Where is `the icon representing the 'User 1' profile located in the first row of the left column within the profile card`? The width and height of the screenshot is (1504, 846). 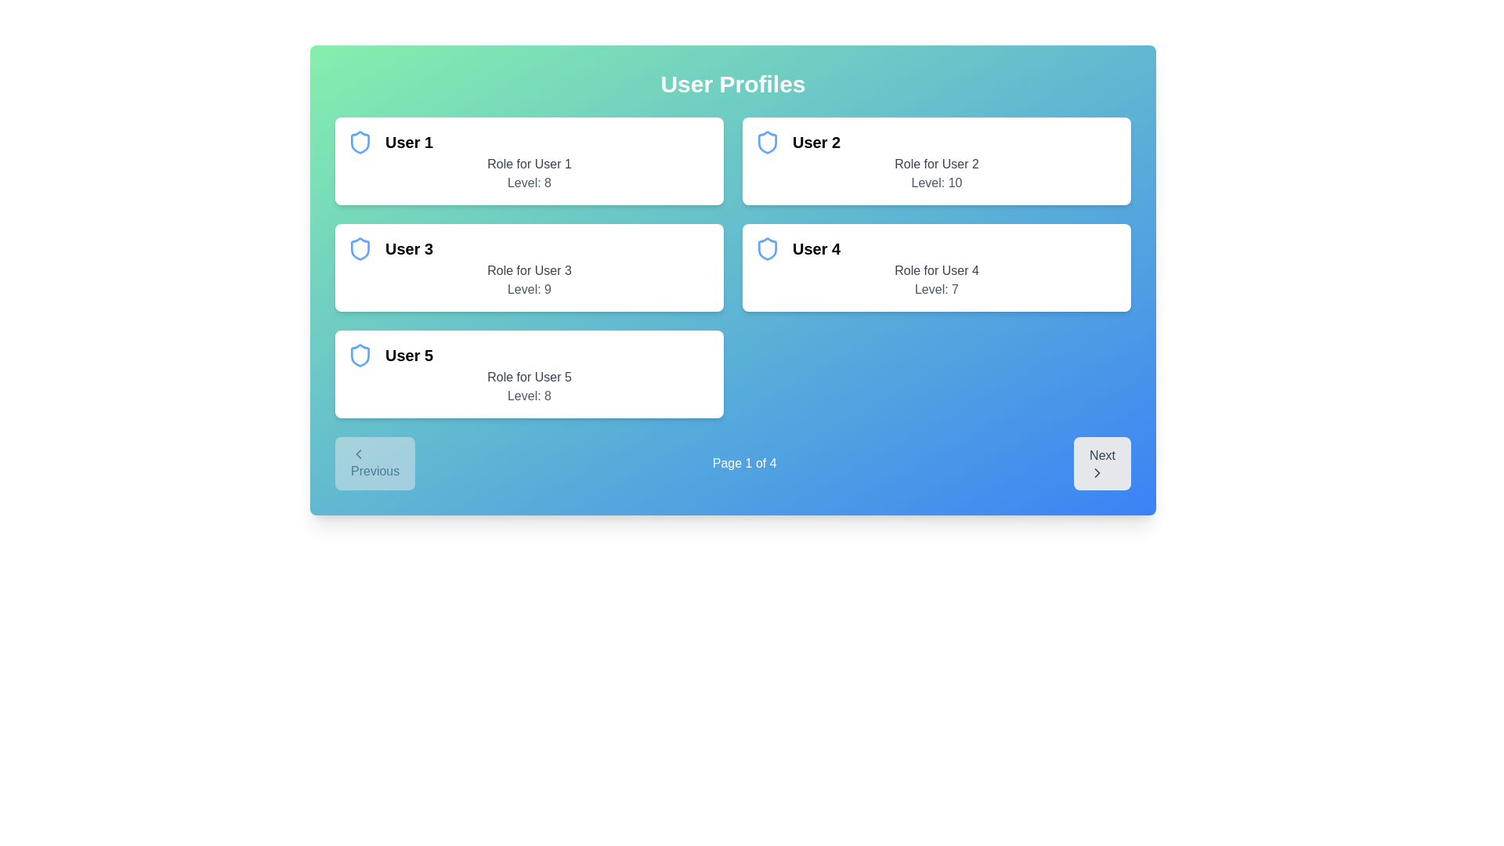
the icon representing the 'User 1' profile located in the first row of the left column within the profile card is located at coordinates (360, 142).